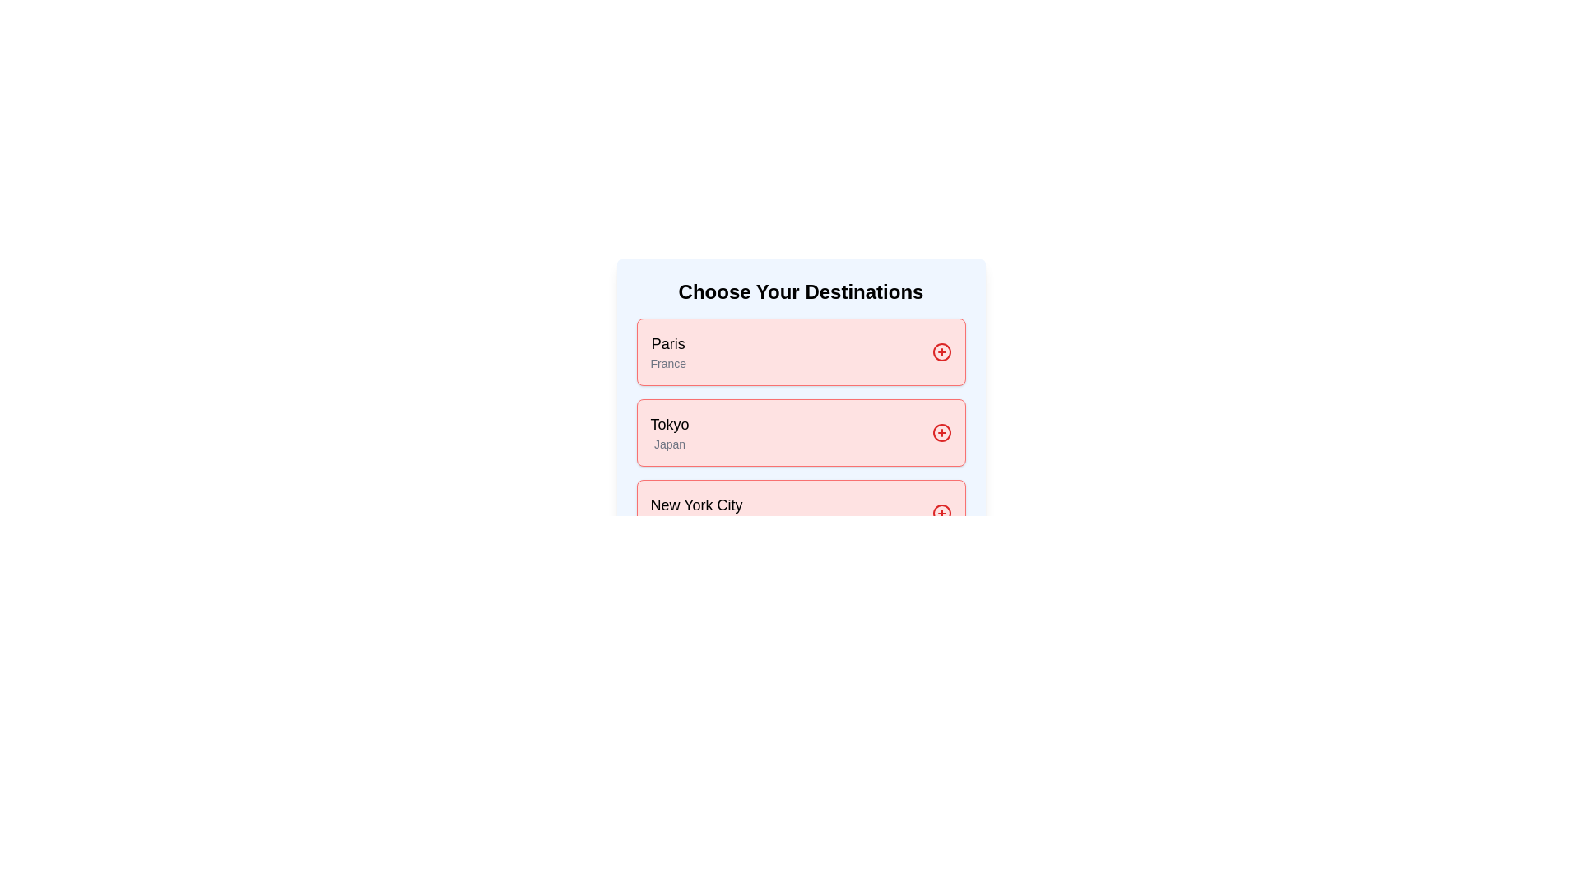 The image size is (1580, 889). What do you see at coordinates (941, 513) in the screenshot?
I see `the circular red button with a plus symbol located in the 'Choose Your Destinations' section for 'New York City USA'` at bounding box center [941, 513].